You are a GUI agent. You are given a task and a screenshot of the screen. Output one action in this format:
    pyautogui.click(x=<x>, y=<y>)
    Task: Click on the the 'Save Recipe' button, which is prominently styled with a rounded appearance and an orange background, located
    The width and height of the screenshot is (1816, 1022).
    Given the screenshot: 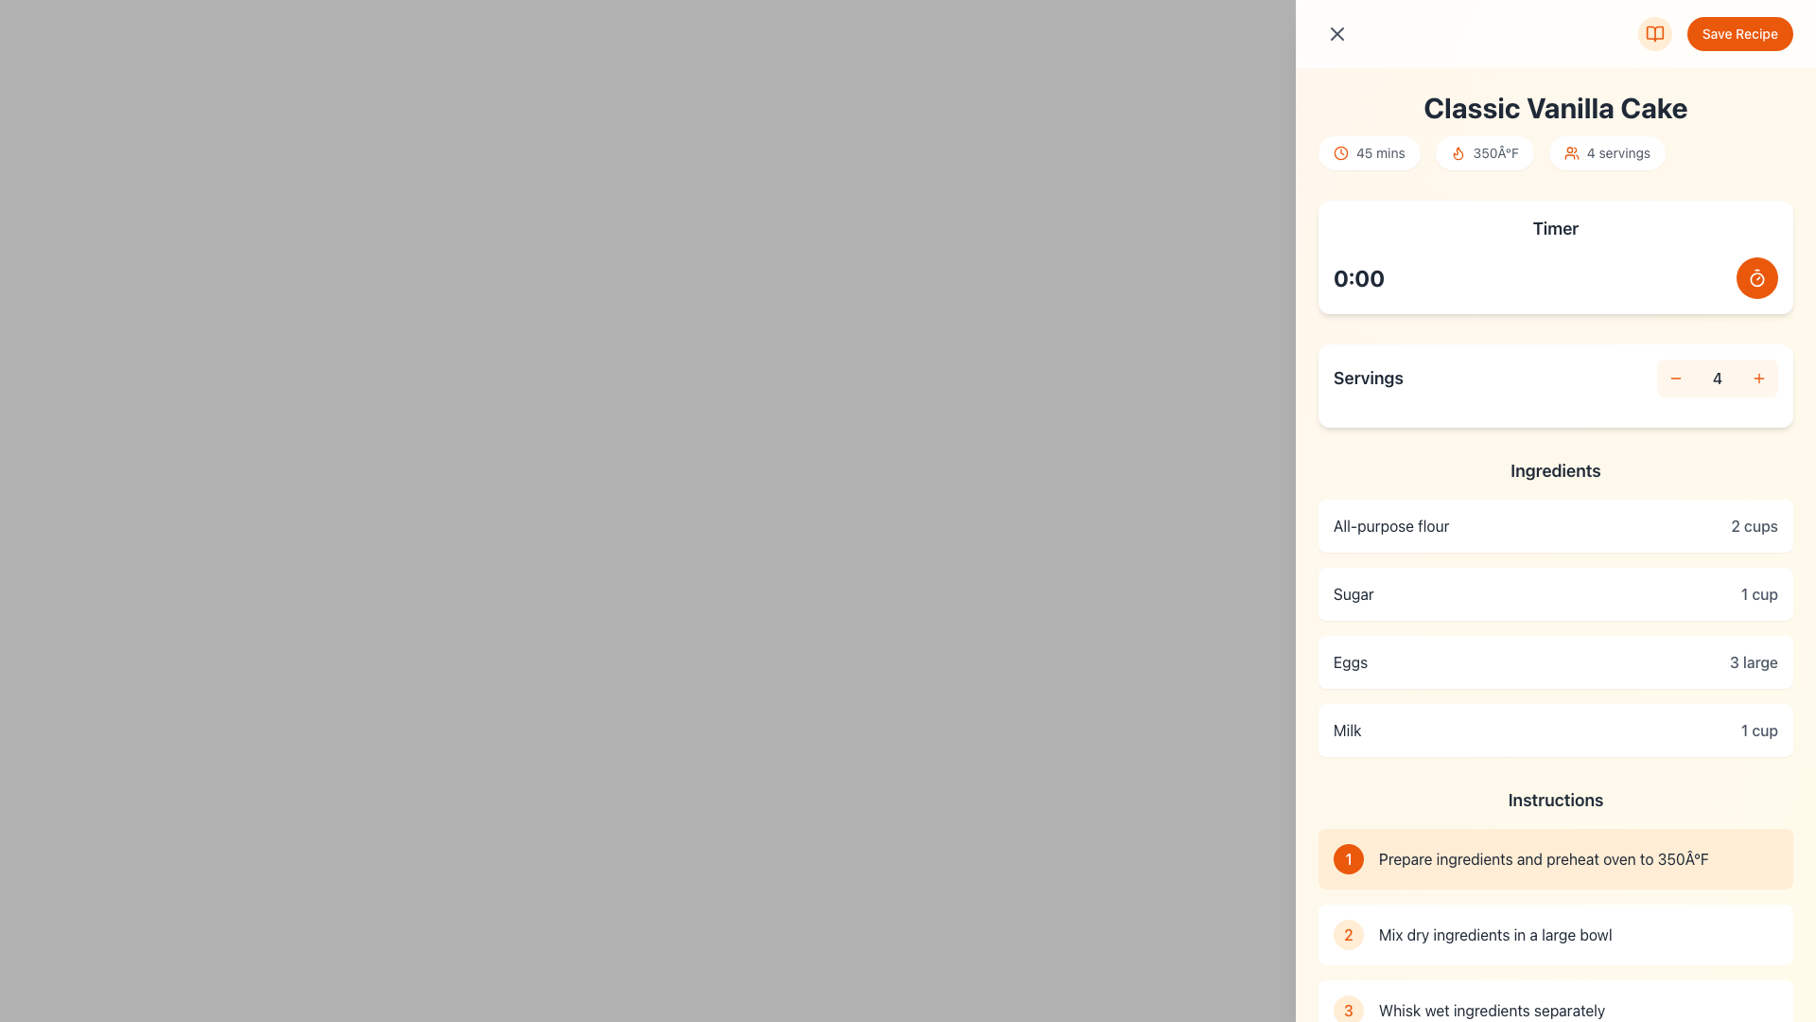 What is the action you would take?
    pyautogui.click(x=1556, y=33)
    